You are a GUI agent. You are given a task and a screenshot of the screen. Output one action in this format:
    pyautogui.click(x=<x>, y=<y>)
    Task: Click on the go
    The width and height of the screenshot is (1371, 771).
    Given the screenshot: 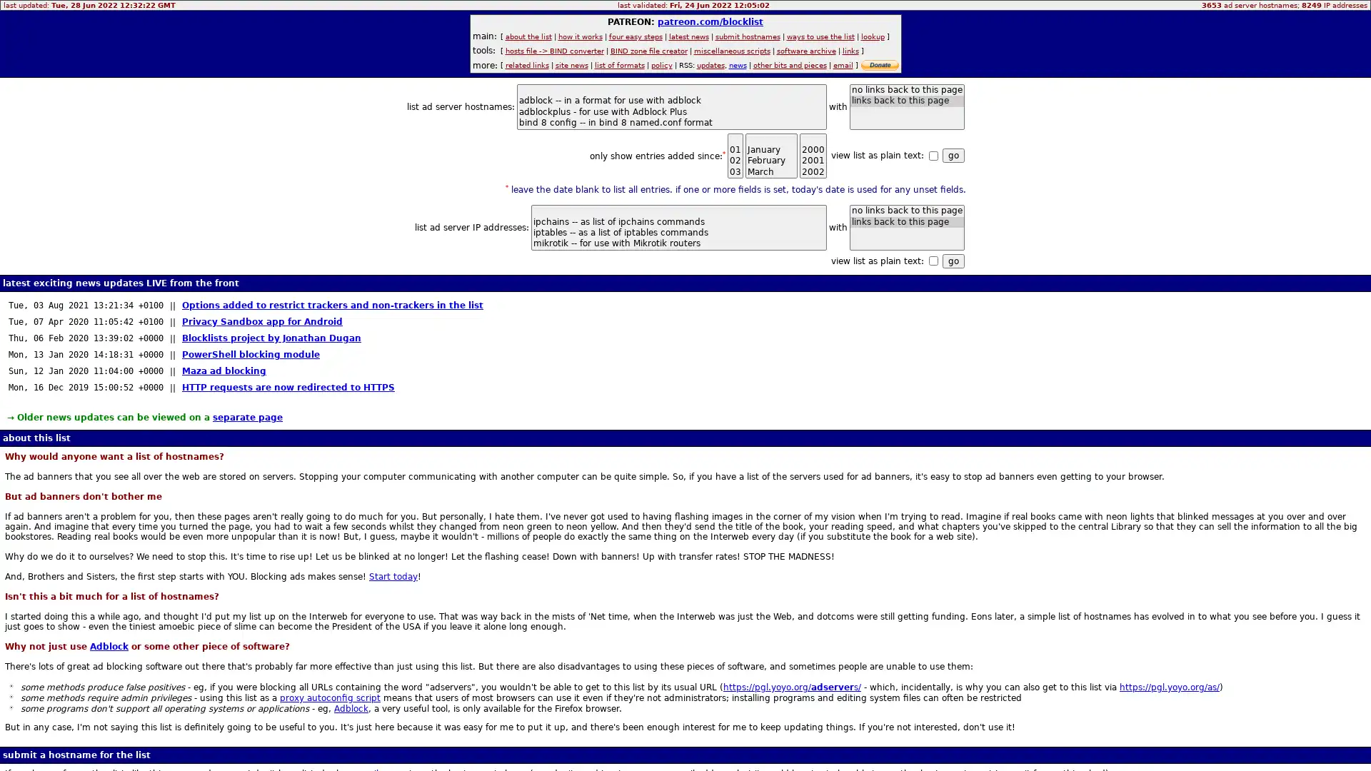 What is the action you would take?
    pyautogui.click(x=953, y=156)
    